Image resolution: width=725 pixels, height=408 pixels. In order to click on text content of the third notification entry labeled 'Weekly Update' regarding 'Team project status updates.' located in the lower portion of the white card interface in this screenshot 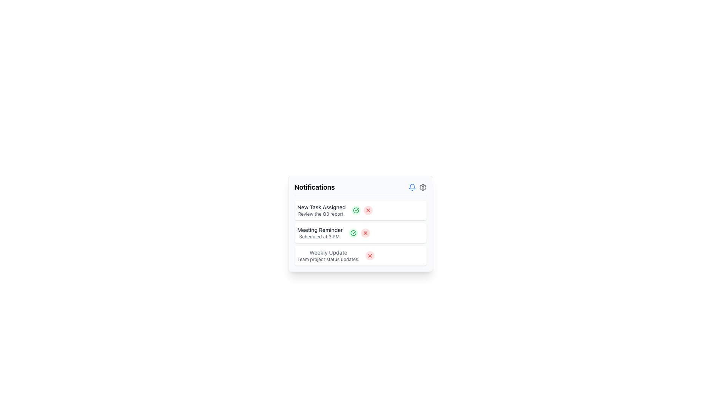, I will do `click(328, 255)`.